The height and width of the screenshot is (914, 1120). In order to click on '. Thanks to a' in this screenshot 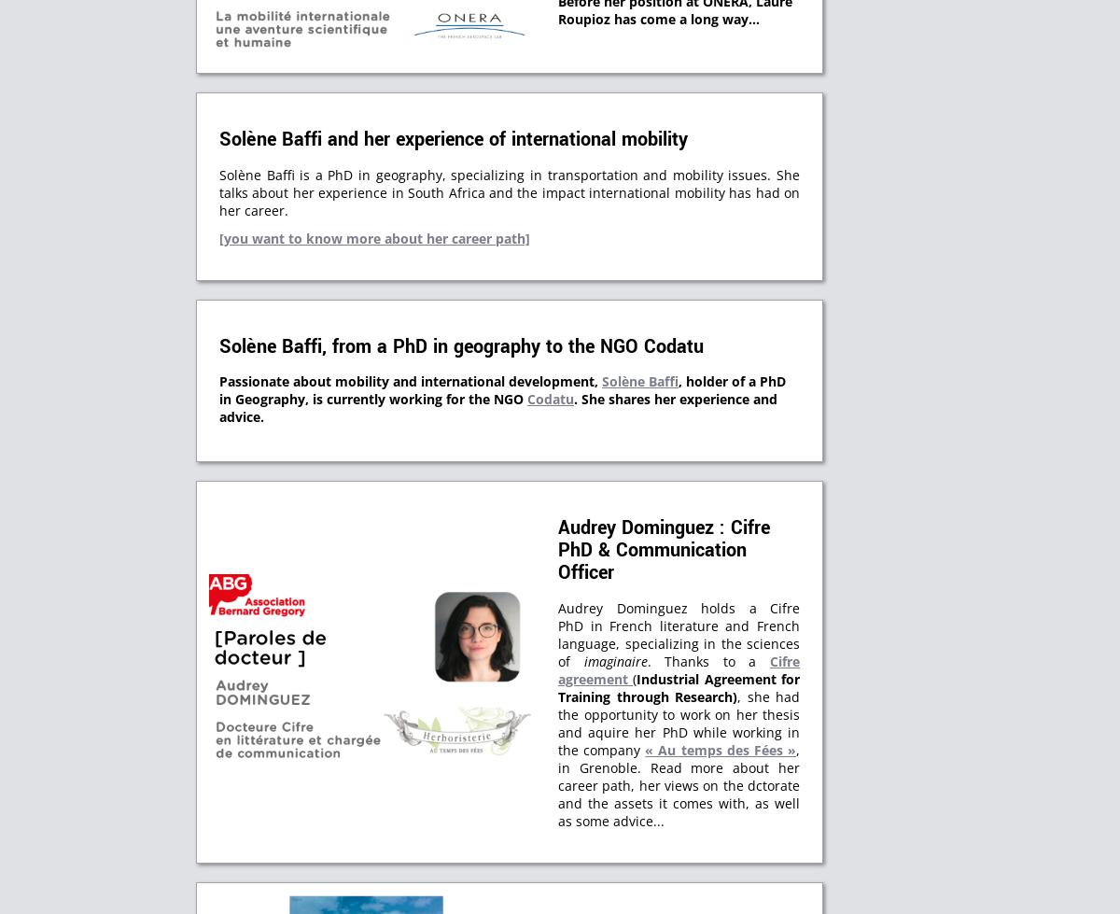, I will do `click(707, 660)`.